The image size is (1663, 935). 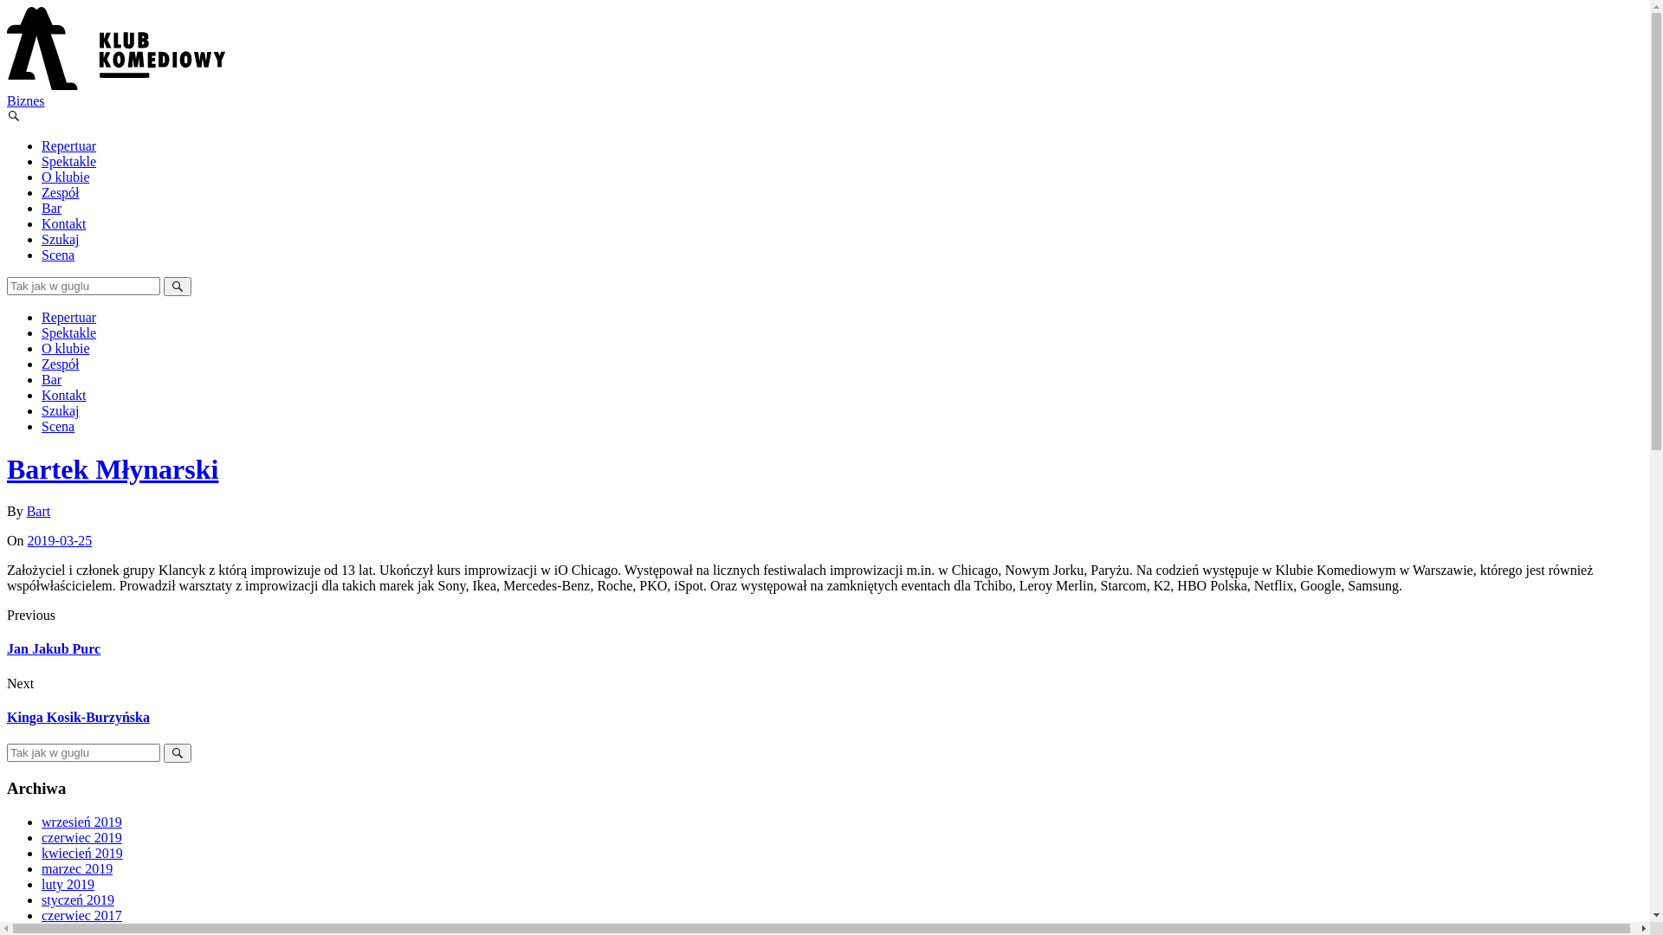 I want to click on 'Repertuar', so click(x=42, y=145).